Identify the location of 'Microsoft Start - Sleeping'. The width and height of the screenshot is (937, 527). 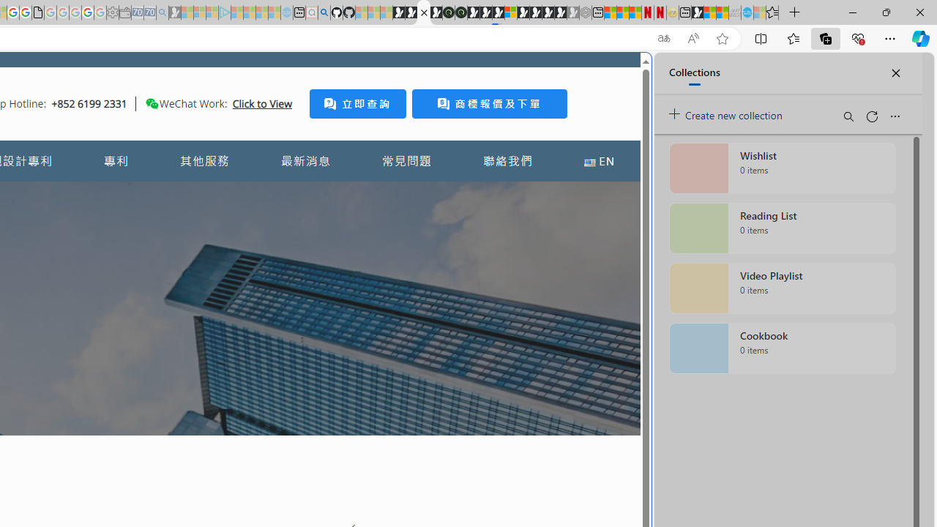
(261, 12).